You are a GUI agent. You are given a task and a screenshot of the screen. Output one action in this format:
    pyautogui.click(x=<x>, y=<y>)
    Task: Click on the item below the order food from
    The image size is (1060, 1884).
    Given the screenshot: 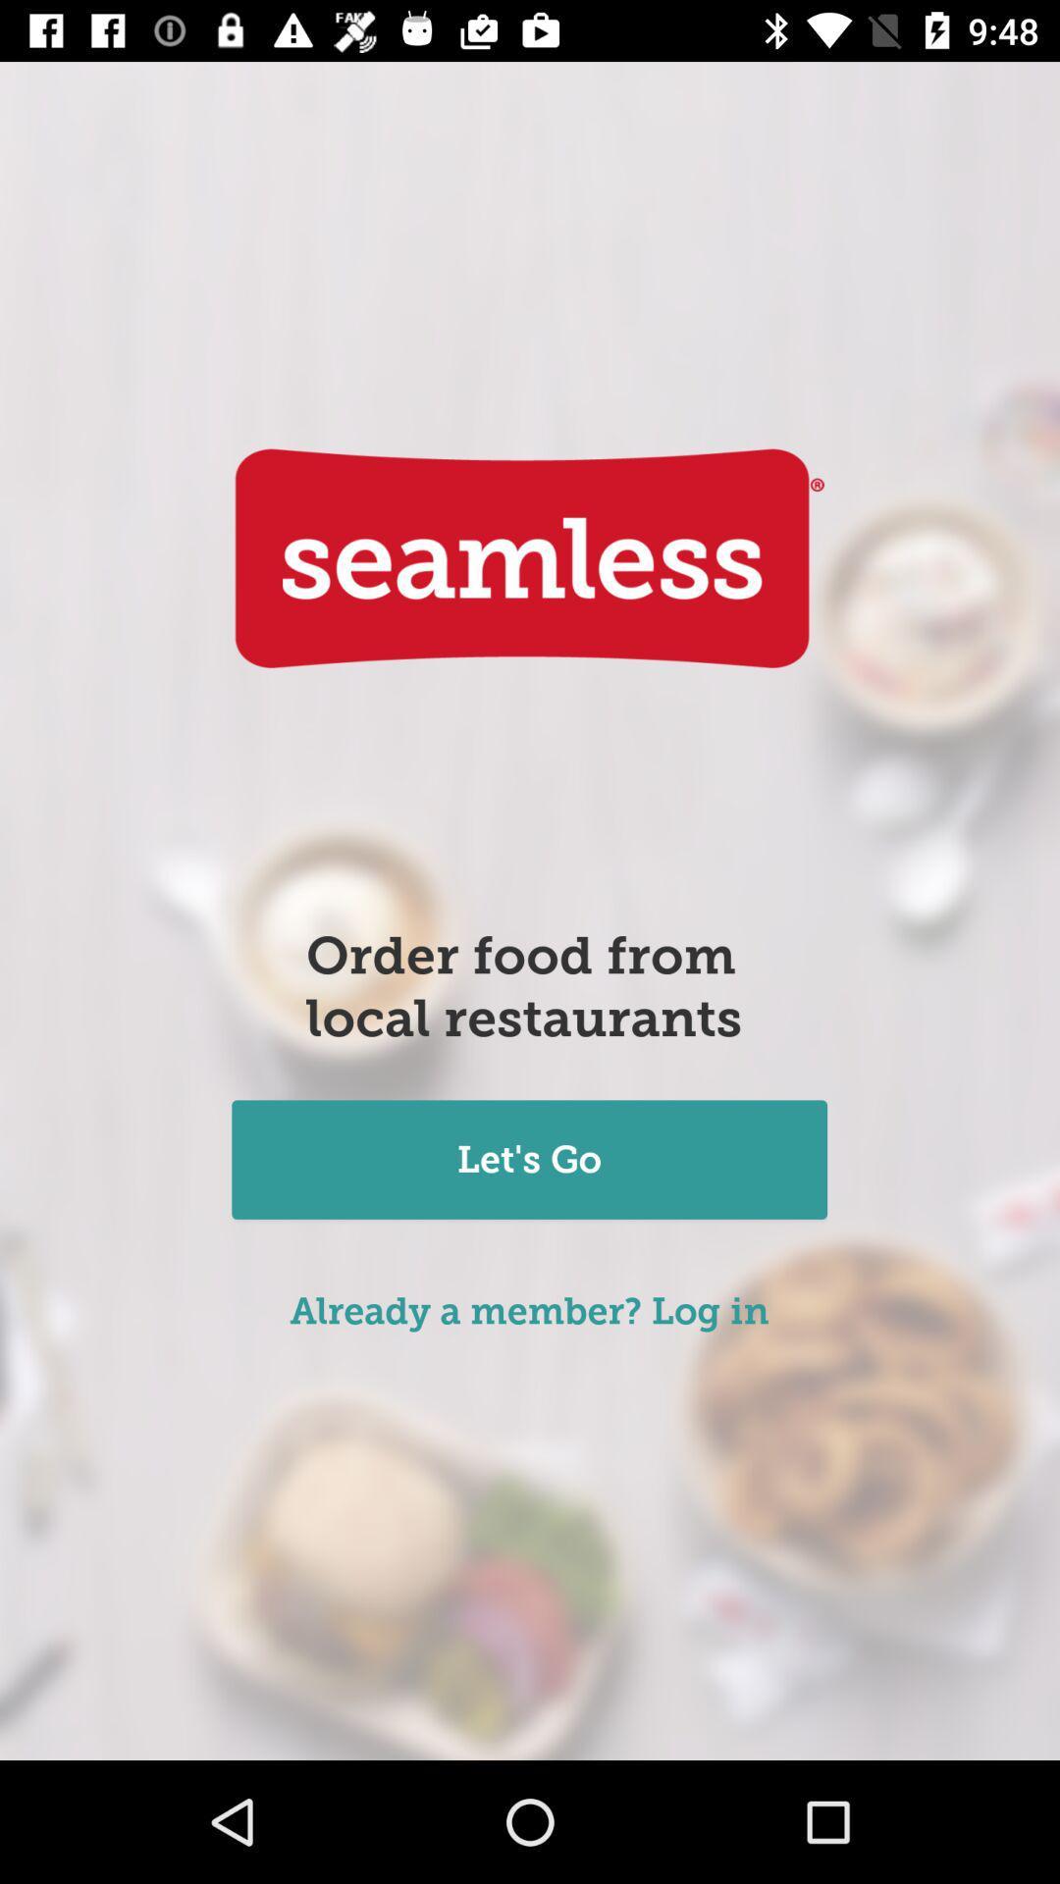 What is the action you would take?
    pyautogui.click(x=528, y=1162)
    